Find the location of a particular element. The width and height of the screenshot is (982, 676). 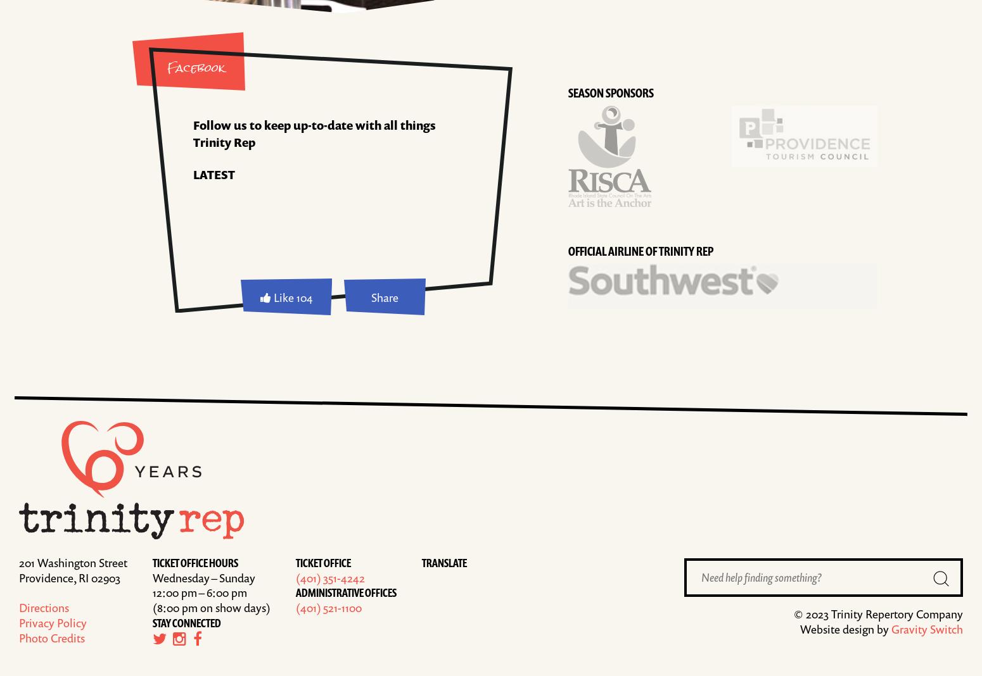

'(8:00 pm on show days)' is located at coordinates (211, 608).